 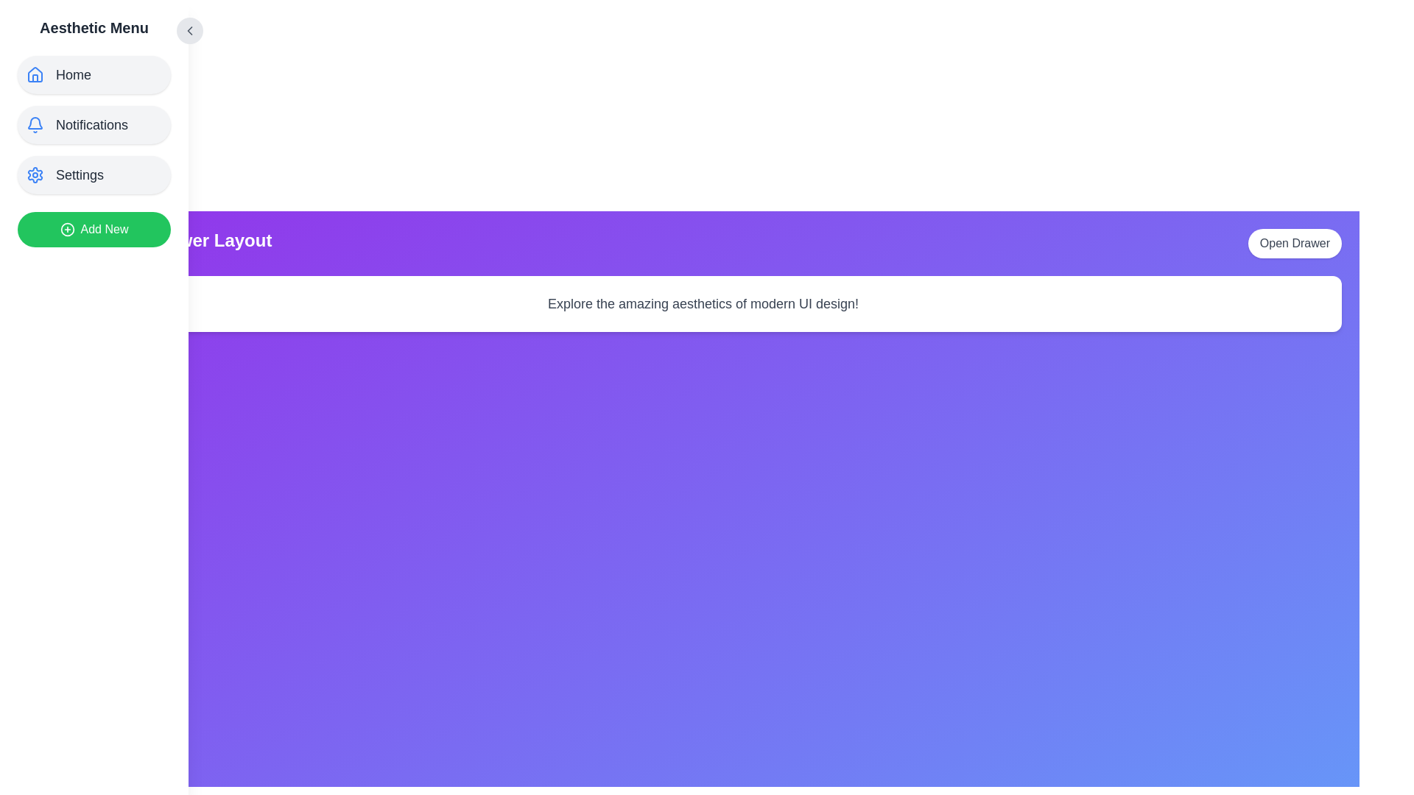 What do you see at coordinates (703, 303) in the screenshot?
I see `the paragraph text block that contains the message 'Explore the amazing aesthetics of modern UI design!', which is centrally located in a white rectangular box with rounded corners on a gradient blue-to-purple background` at bounding box center [703, 303].